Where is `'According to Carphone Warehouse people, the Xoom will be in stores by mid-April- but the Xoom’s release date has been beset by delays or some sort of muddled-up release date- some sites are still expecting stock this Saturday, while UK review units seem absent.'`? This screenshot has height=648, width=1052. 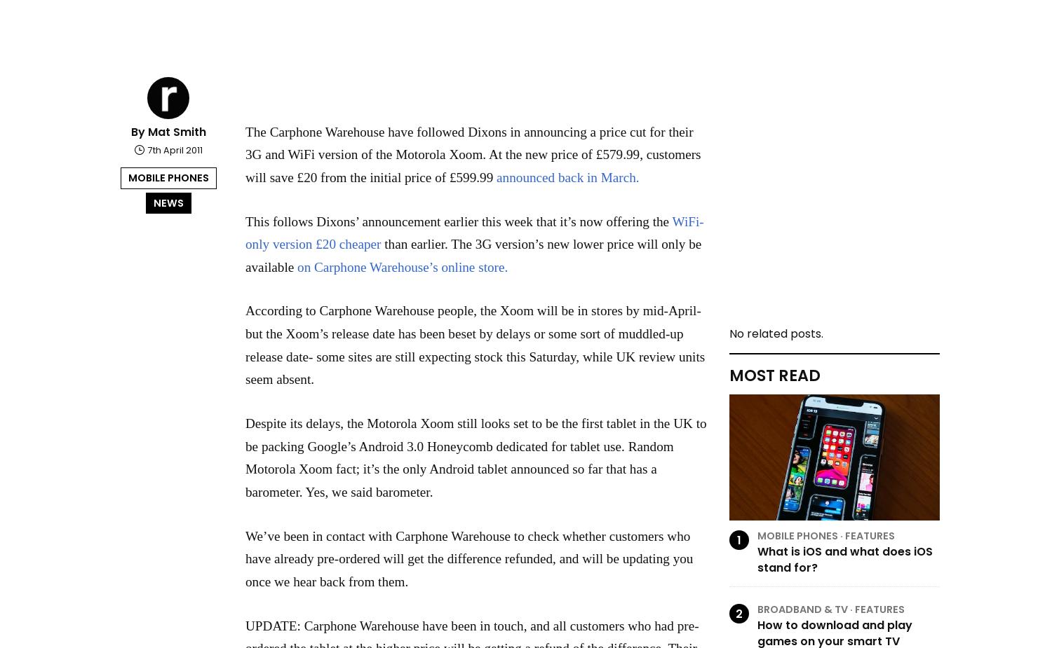 'According to Carphone Warehouse people, the Xoom will be in stores by mid-April- but the Xoom’s release date has been beset by delays or some sort of muddled-up release date- some sites are still expecting stock this Saturday, while UK review units seem absent.' is located at coordinates (475, 345).